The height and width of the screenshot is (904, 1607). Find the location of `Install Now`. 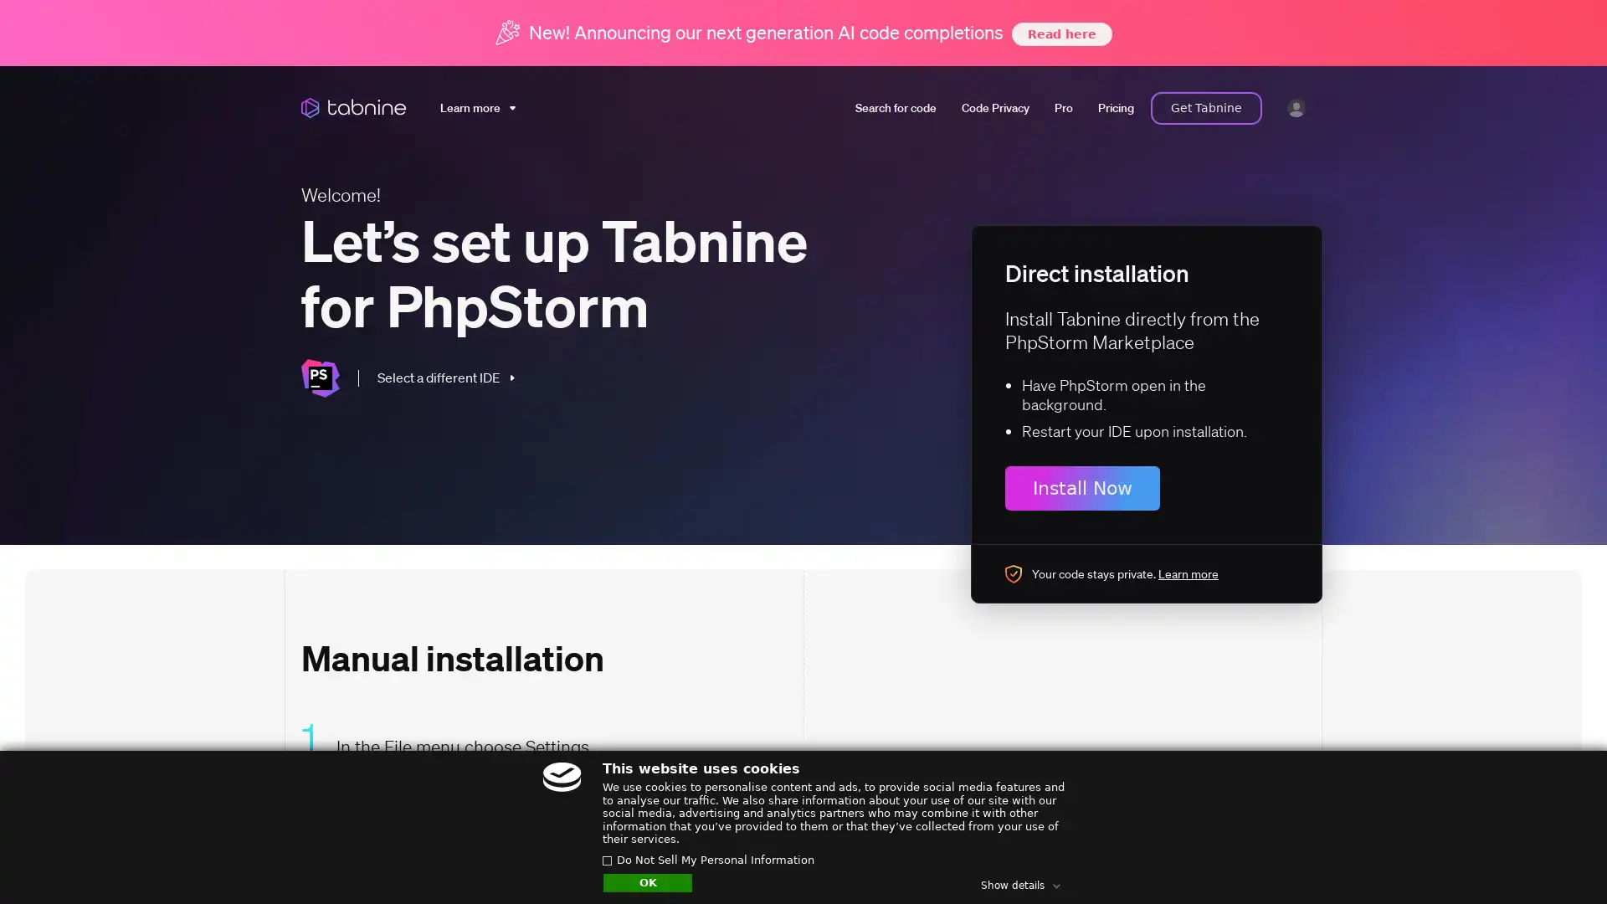

Install Now is located at coordinates (1082, 488).